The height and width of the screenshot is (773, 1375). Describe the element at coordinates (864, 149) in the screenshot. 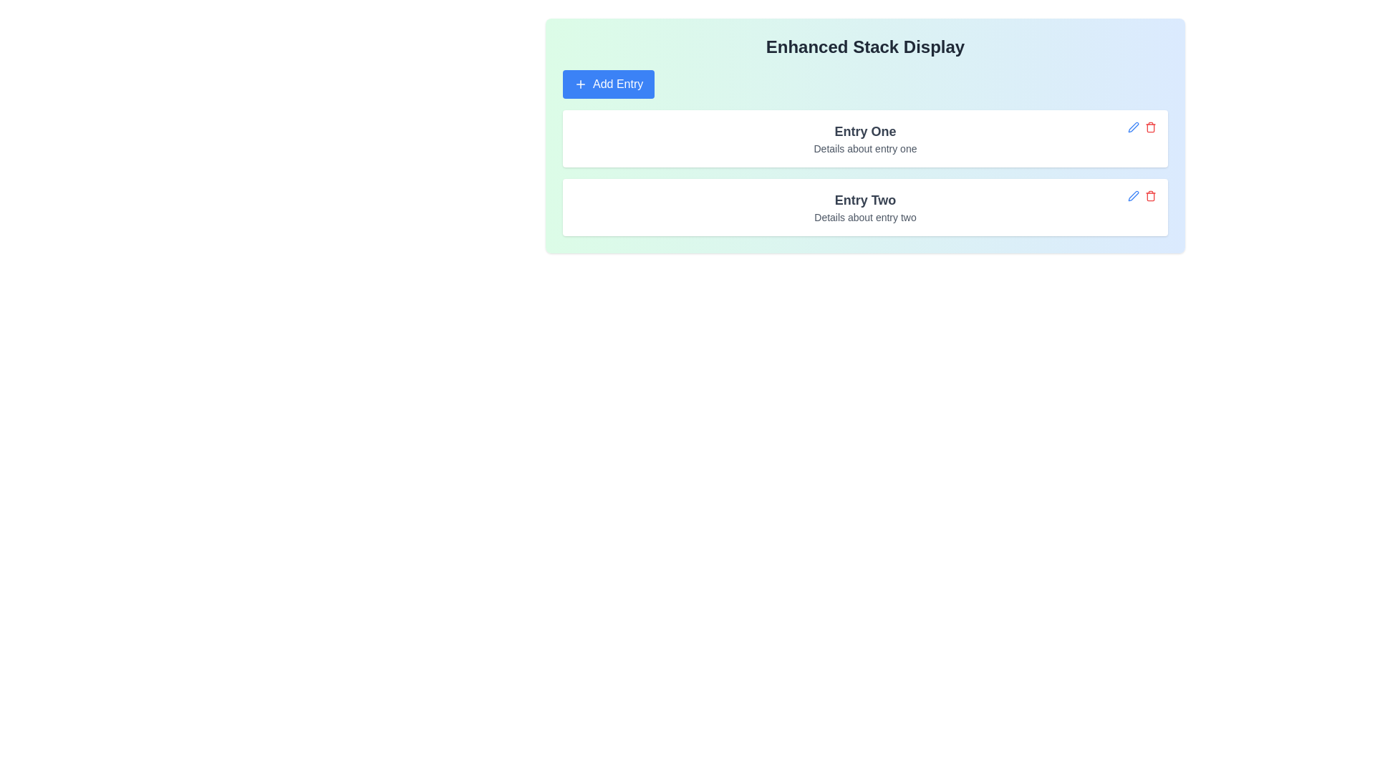

I see `the static text label displaying 'Details about entry one', which is styled in a smaller font size and lighter gray, located below the title 'Entry One' within the first white card of the 'Enhanced Stack Display'` at that location.